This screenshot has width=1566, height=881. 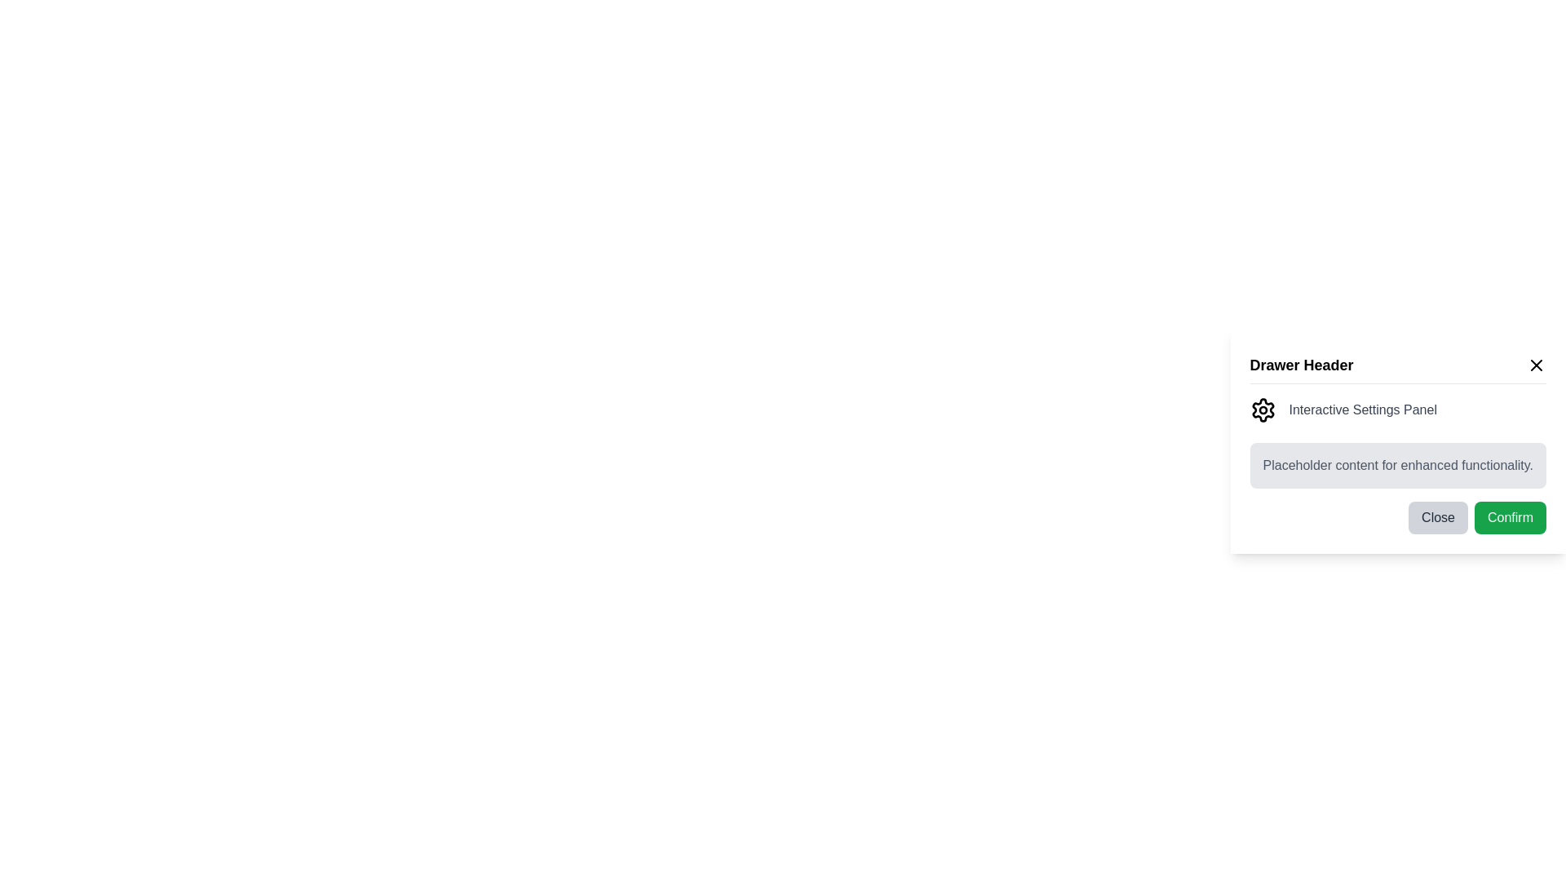 I want to click on the close button located in the top-right corner of the panel, aligned horizontally with the 'Drawer Header', so click(x=1535, y=364).